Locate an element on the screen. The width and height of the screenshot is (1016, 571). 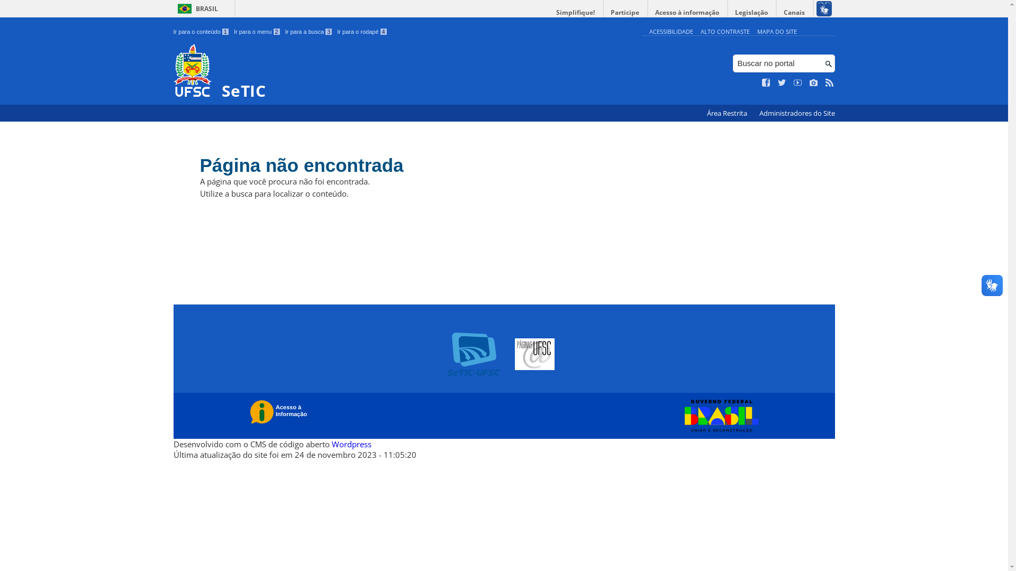
'Ir para o menu 2' is located at coordinates (257, 31).